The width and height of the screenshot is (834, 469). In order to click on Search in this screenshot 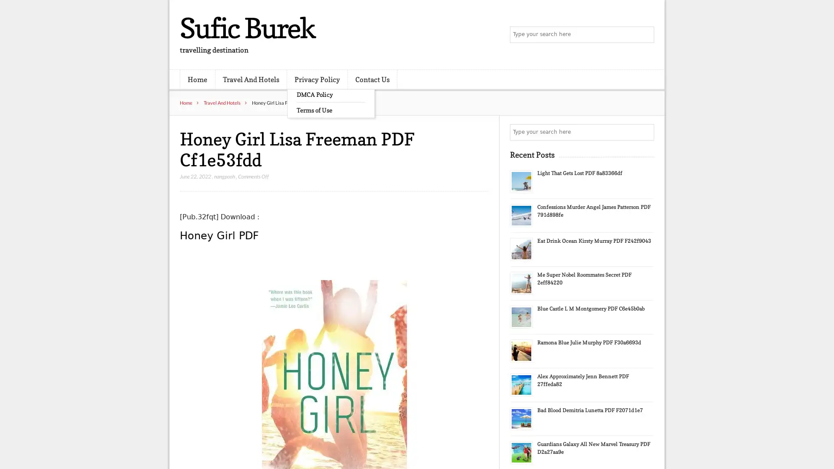, I will do `click(645, 35)`.